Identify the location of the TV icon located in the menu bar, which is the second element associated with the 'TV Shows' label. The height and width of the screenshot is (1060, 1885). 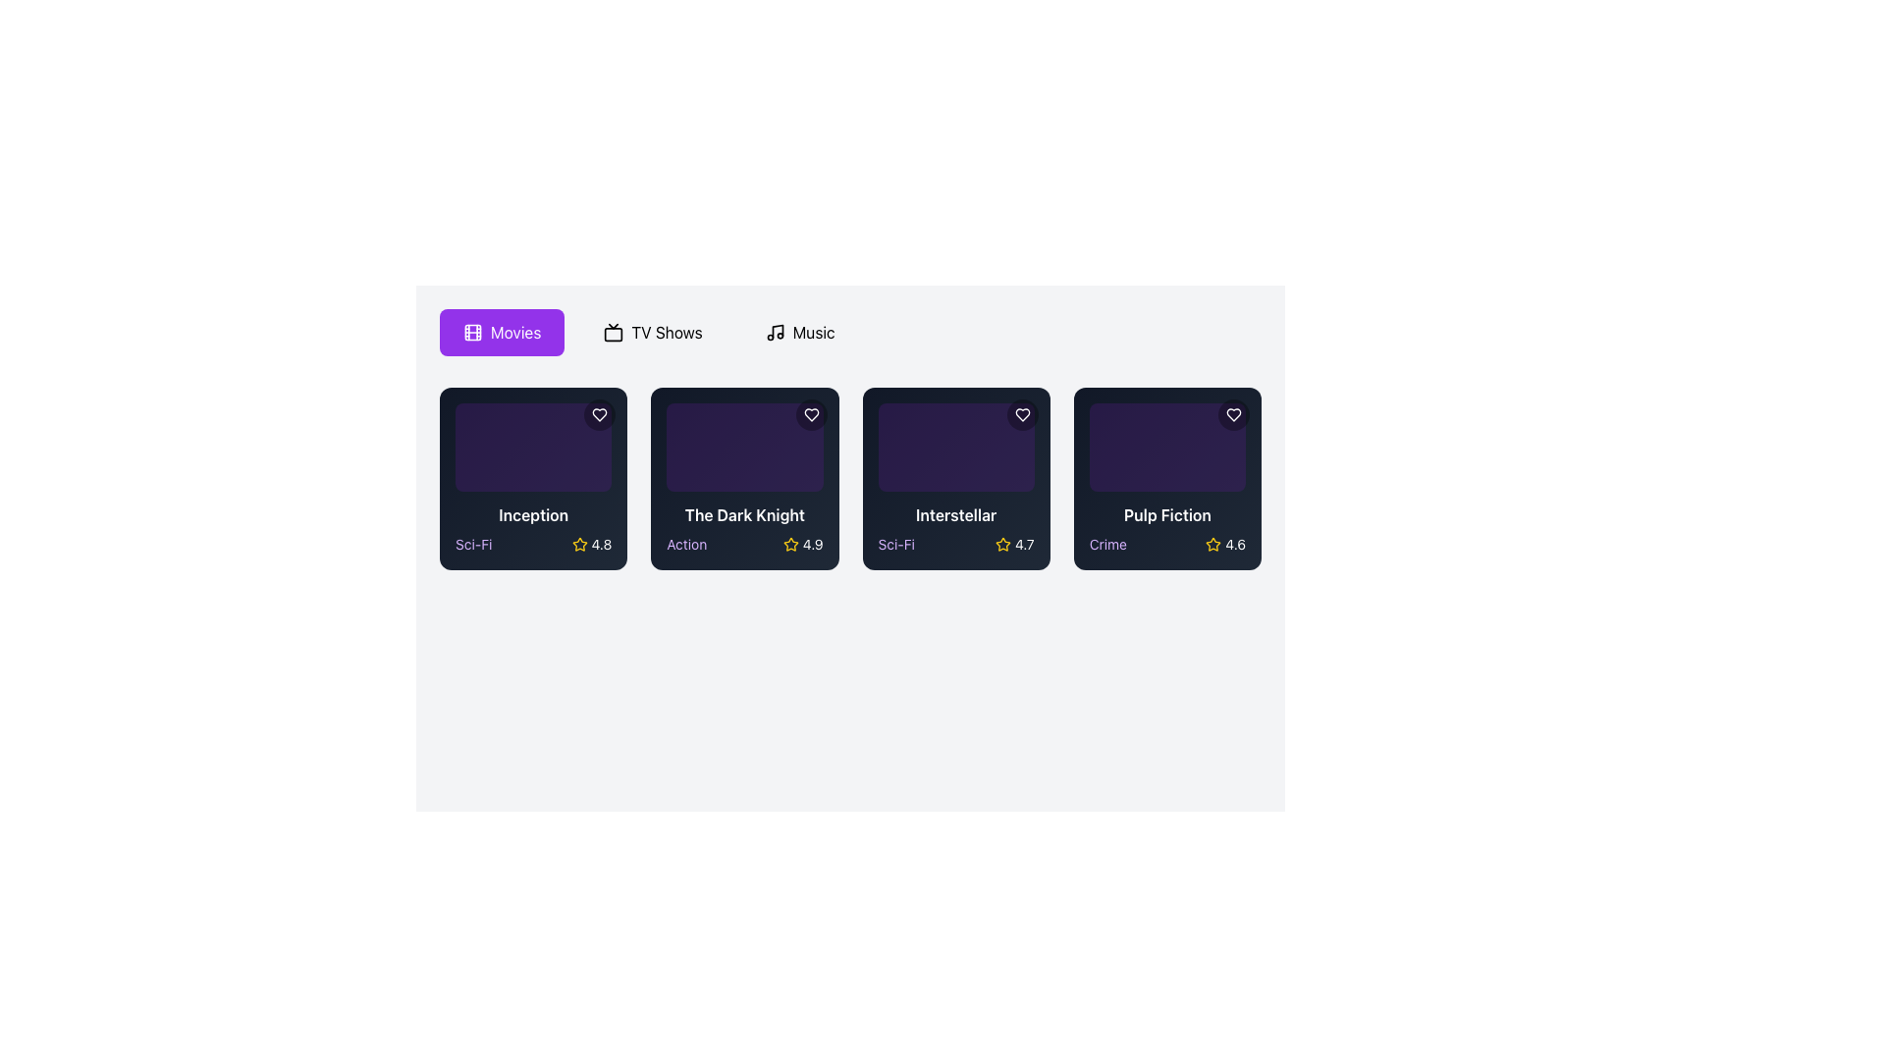
(613, 332).